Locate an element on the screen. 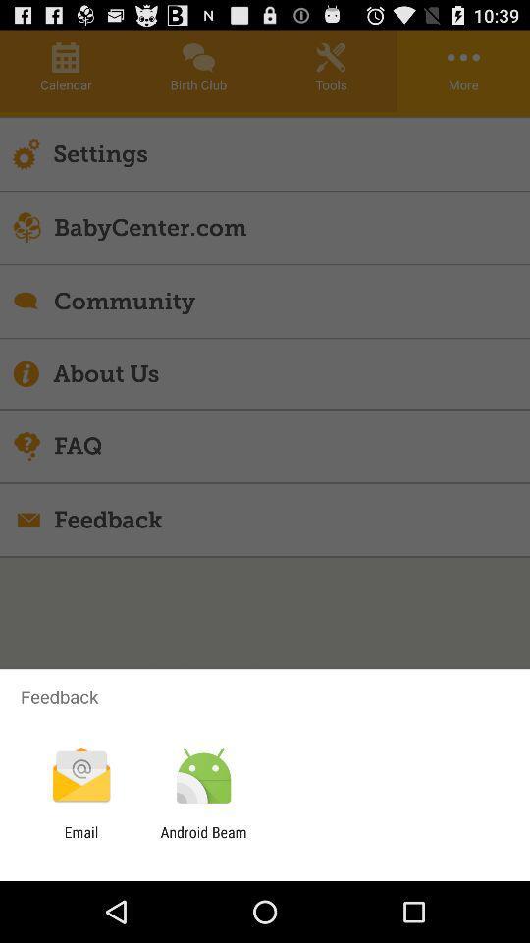 This screenshot has height=943, width=530. email is located at coordinates (80, 840).